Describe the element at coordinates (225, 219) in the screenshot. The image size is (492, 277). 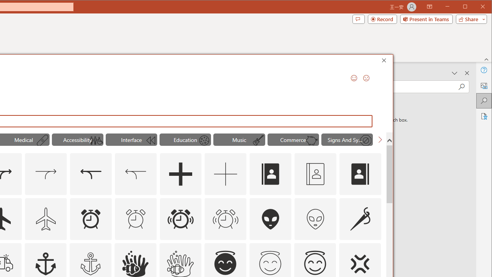
I see `'AutomationID: Icons_AlarmRinging_M'` at that location.